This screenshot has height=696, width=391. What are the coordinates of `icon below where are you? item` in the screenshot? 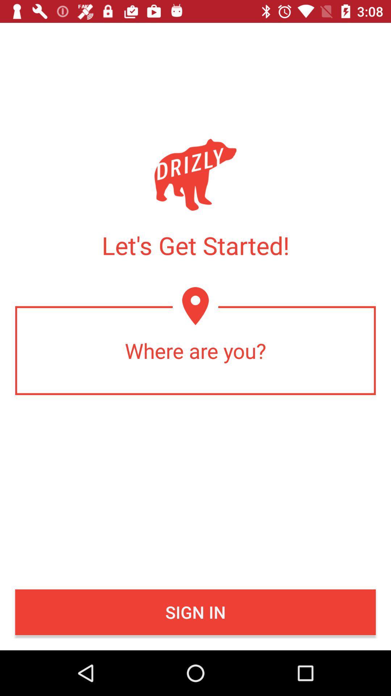 It's located at (195, 612).